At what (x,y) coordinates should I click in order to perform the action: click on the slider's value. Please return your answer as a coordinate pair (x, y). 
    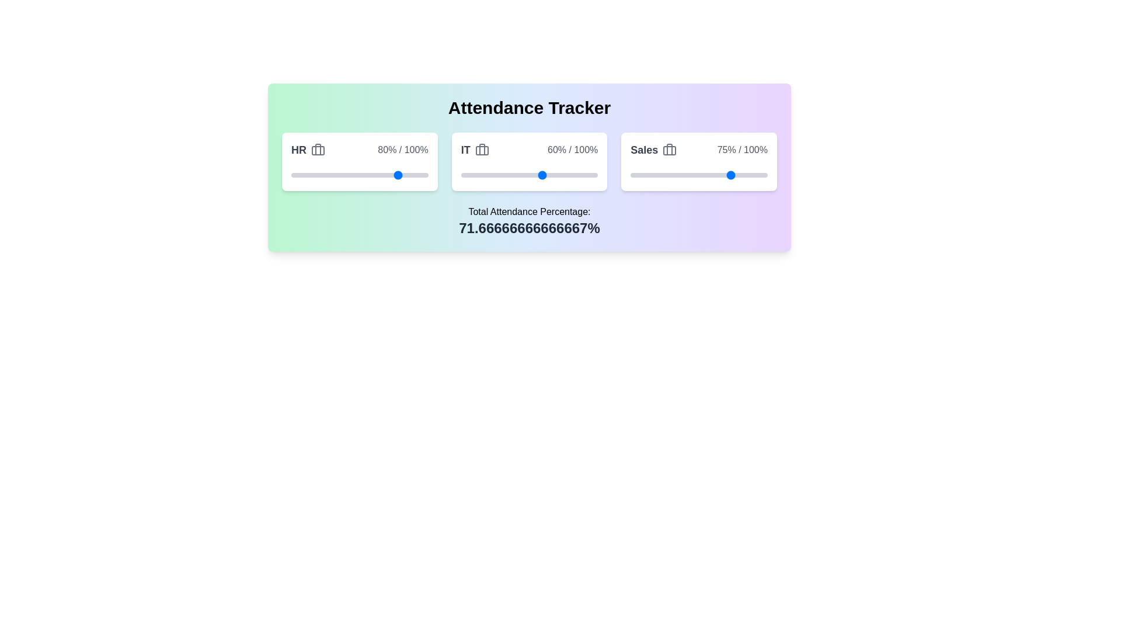
    Looking at the image, I should click on (757, 175).